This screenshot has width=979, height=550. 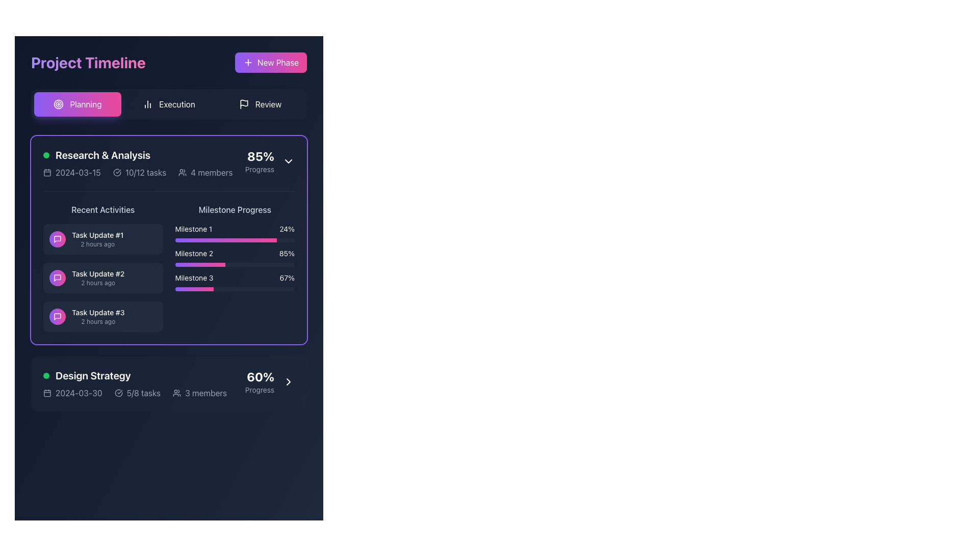 What do you see at coordinates (72, 392) in the screenshot?
I see `the text label displaying the date '2024-03-30' with an associated calendar icon located in the 'Design Strategy' group, which is the leftmost element in that section` at bounding box center [72, 392].